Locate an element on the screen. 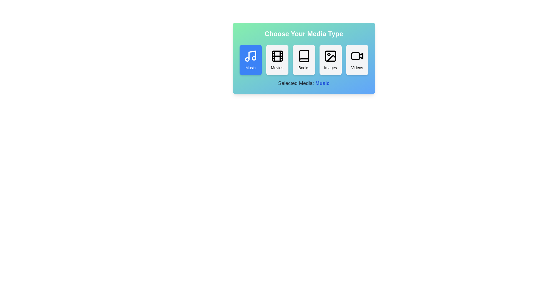 The width and height of the screenshot is (533, 300). the Videos button to observe hover effects is located at coordinates (357, 60).